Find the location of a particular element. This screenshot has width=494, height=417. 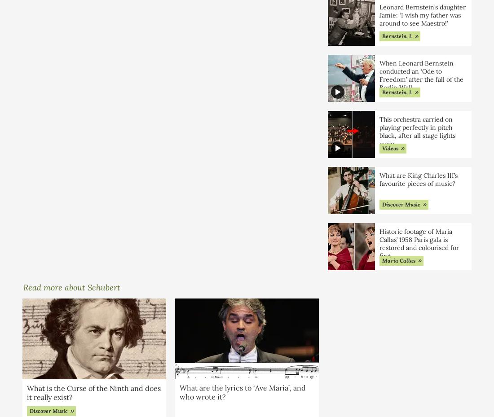

'When Leonard Bernstein conducted an ‘Ode to Freedom’ after the fall of the Berlin Wall' is located at coordinates (379, 75).